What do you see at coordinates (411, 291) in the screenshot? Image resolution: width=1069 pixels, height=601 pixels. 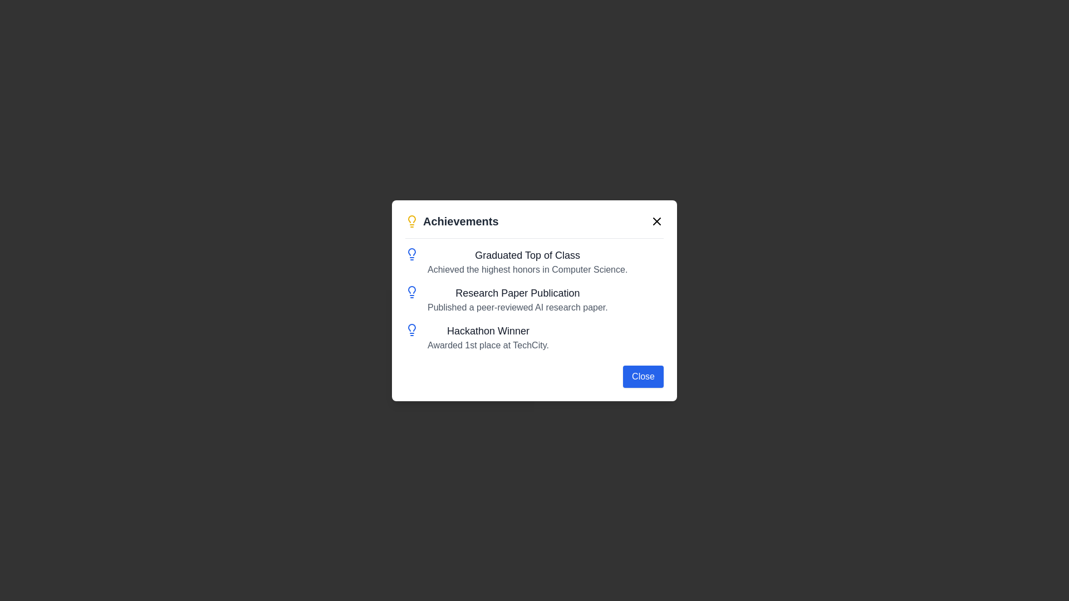 I see `the decorative icon associated with the 'Research Paper Publication' achievement, which is the second icon in the vertical sequence of achievement entries` at bounding box center [411, 291].